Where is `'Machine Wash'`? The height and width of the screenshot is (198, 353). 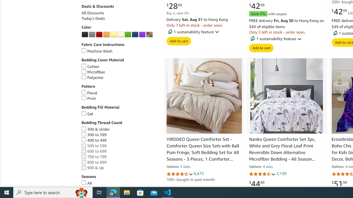 'Machine Wash' is located at coordinates (97, 51).